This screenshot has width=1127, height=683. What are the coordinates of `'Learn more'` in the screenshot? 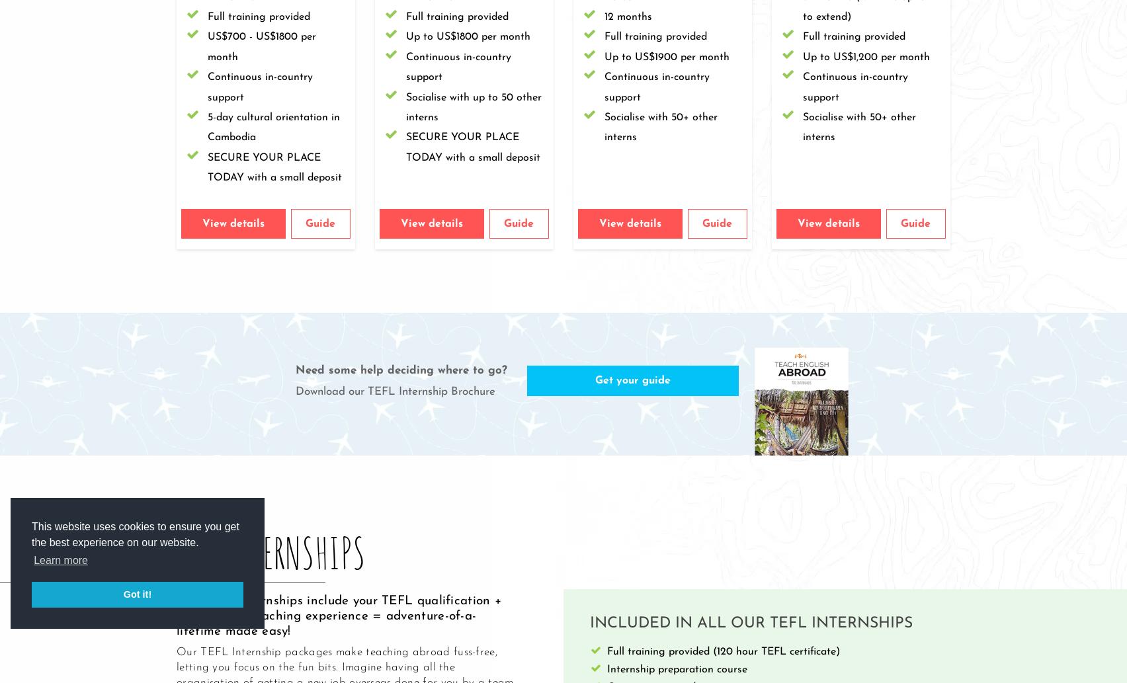 It's located at (61, 560).